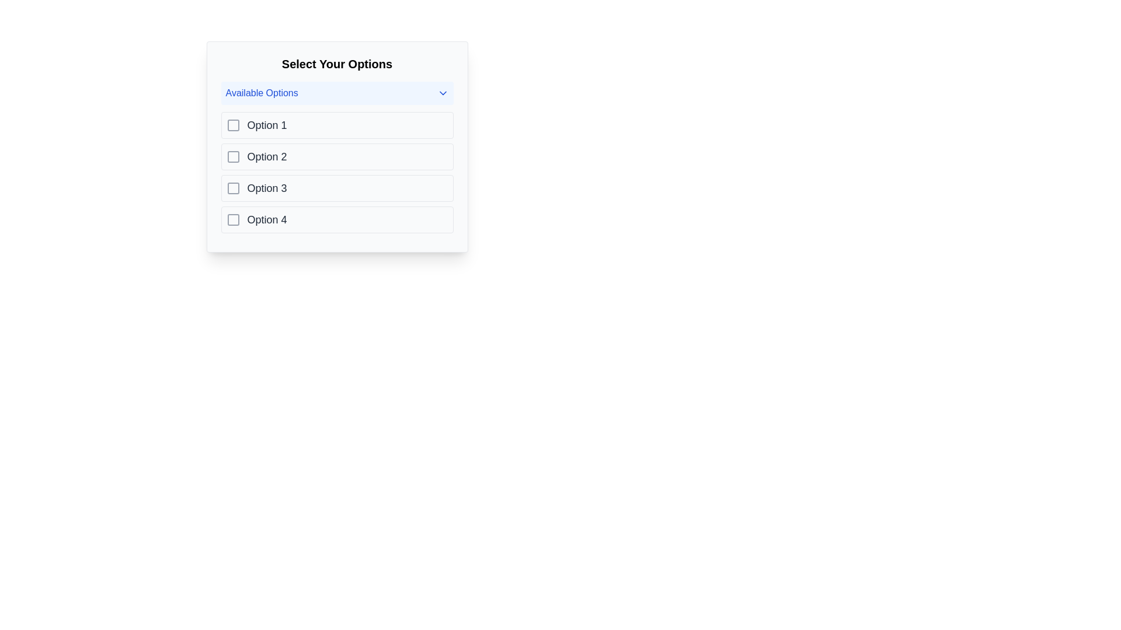  Describe the element at coordinates (336, 220) in the screenshot. I see `the fourth checkbox in the vertically stacked list of options` at that location.